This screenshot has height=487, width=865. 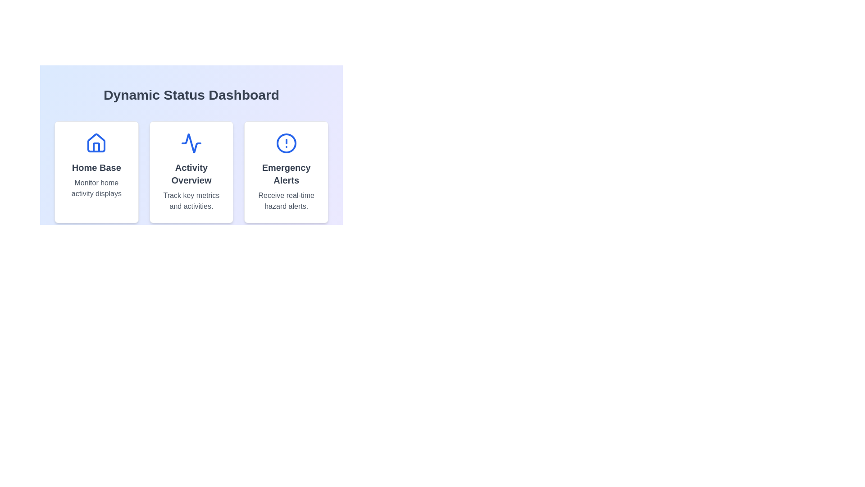 I want to click on the Information card located in the second column of the three-column layout under the 'Dynamic Status Dashboard' section, so click(x=191, y=172).